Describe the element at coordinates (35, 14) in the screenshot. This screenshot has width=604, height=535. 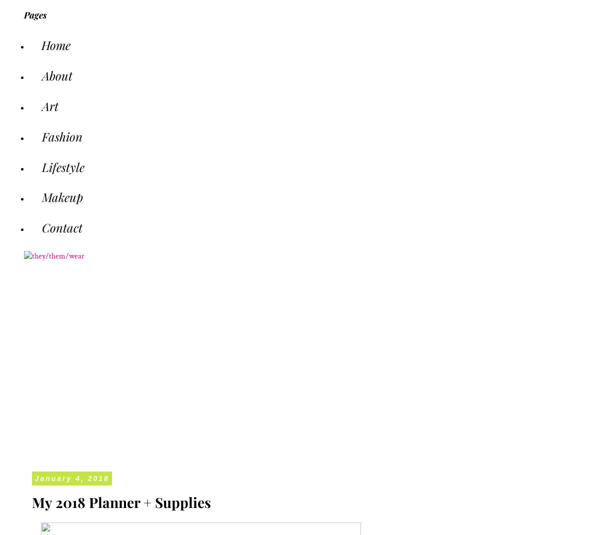
I see `'Pages'` at that location.